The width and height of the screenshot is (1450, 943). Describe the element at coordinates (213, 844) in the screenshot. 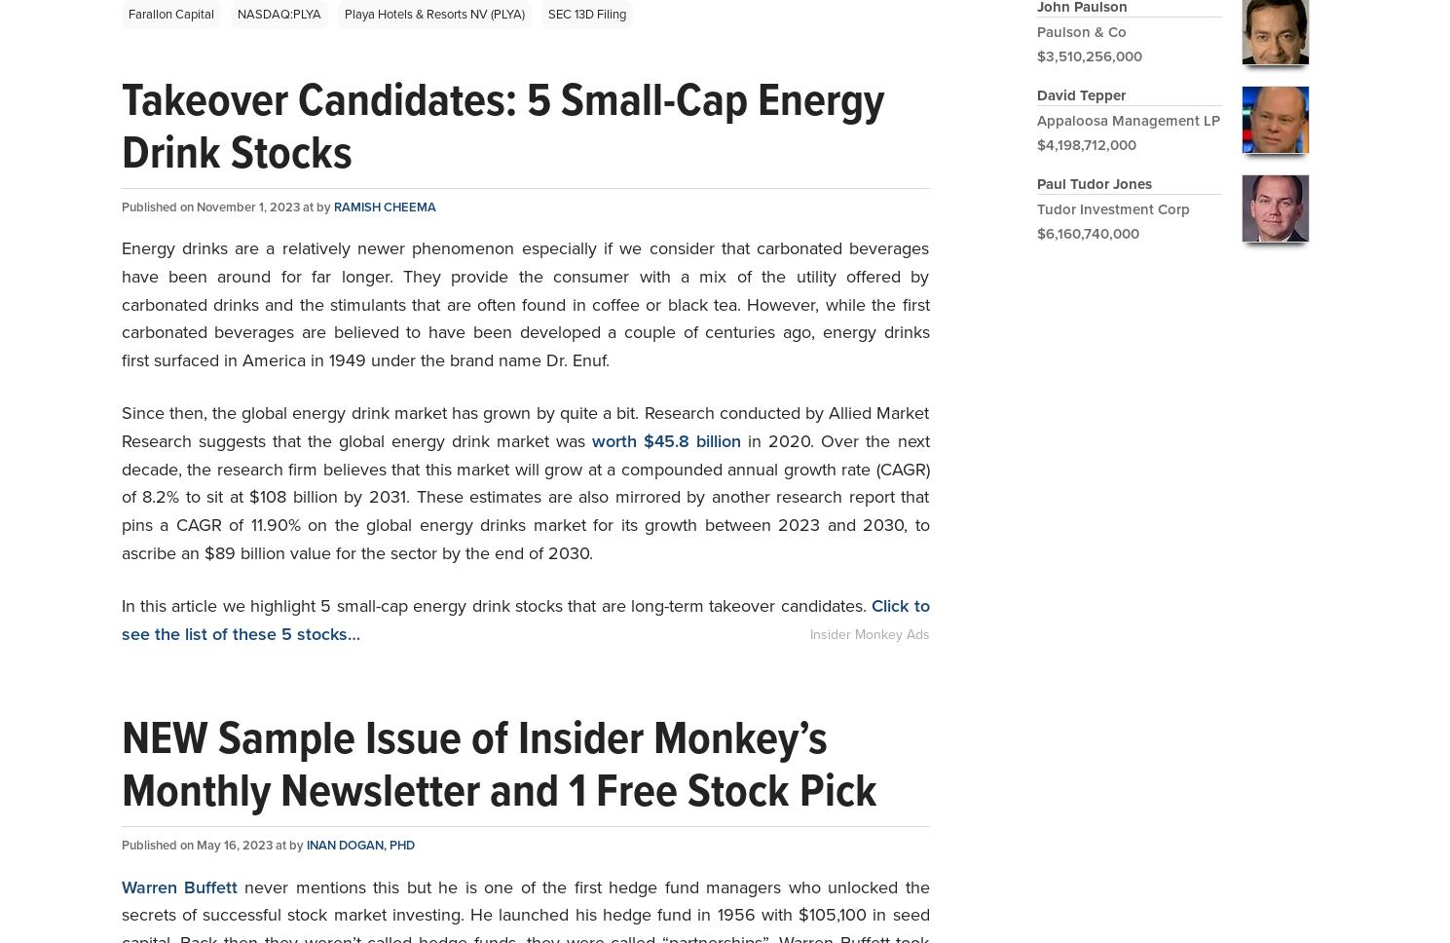

I see `'Published on May 16, 2023 at  by'` at that location.